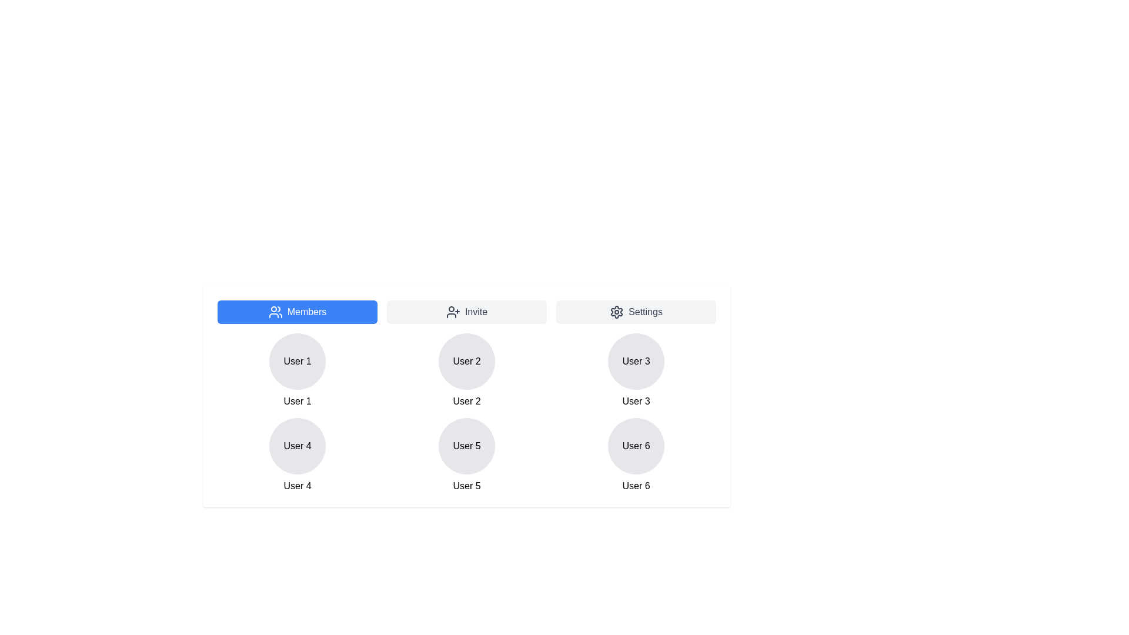 The width and height of the screenshot is (1129, 635). What do you see at coordinates (635, 371) in the screenshot?
I see `the user profile display element located in the top-right section of the grid, which shows user-specific information and is the third item in a 3x2 configuration` at bounding box center [635, 371].